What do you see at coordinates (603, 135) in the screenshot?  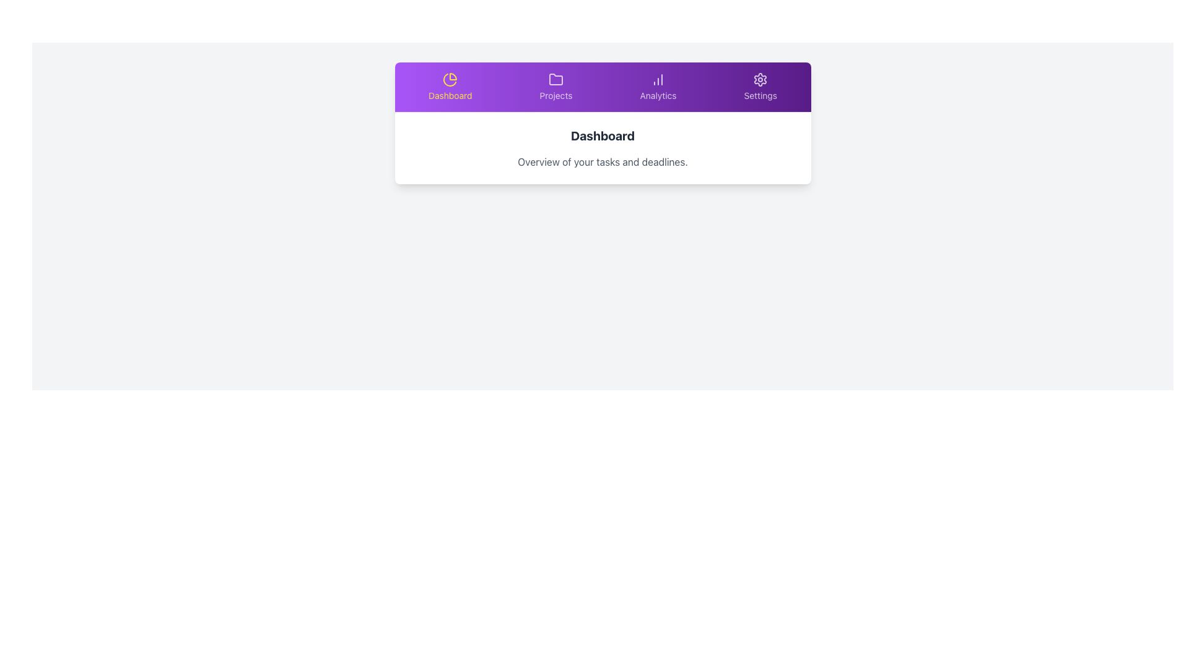 I see `the bold 'Dashboard' text label at the top of the main content area, which is prominently displayed in a large dark gray font and located directly below the navigation bar` at bounding box center [603, 135].